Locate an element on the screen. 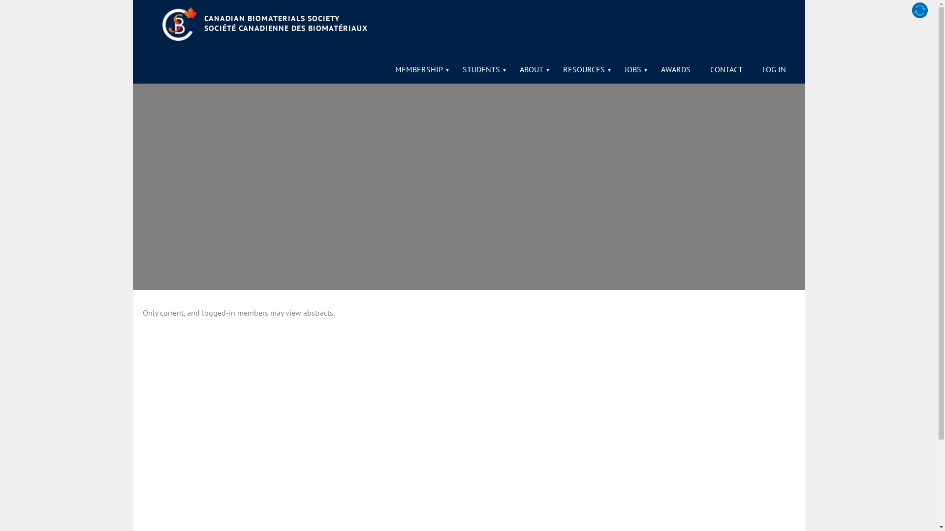  'LOG IN' is located at coordinates (773, 69).